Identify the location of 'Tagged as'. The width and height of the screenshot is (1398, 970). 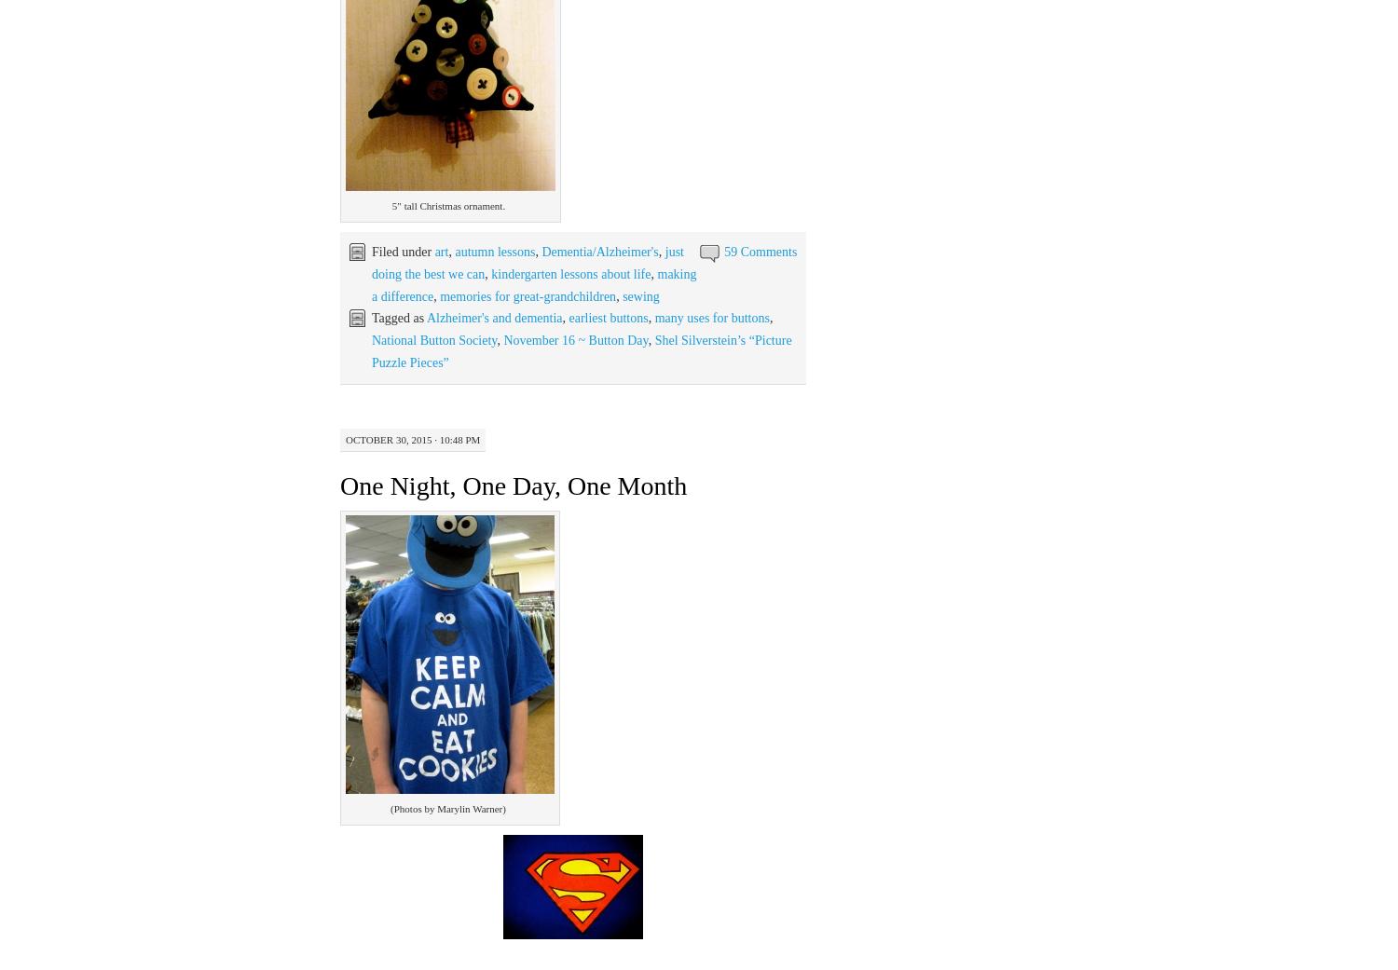
(398, 318).